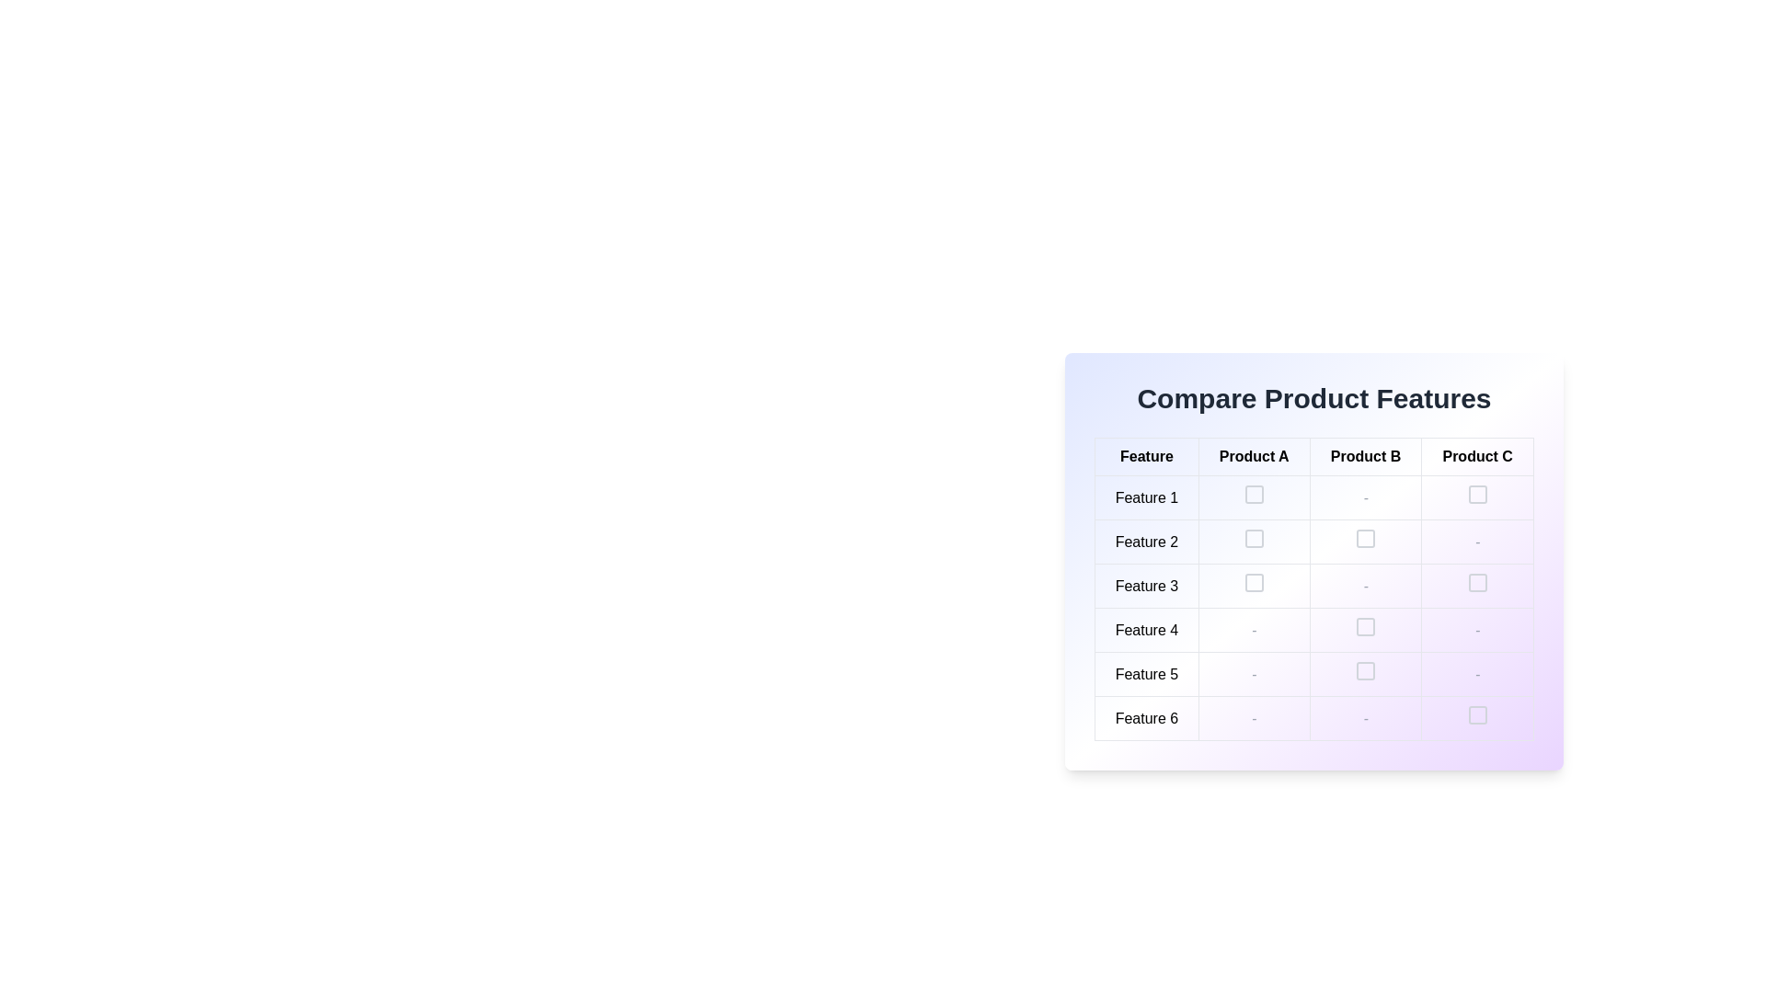 The image size is (1766, 993). Describe the element at coordinates (1253, 493) in the screenshot. I see `the checkbox for 'Product A' under 'Feature 1' in the 'Compare Product Features' table to interact via keyboard` at that location.